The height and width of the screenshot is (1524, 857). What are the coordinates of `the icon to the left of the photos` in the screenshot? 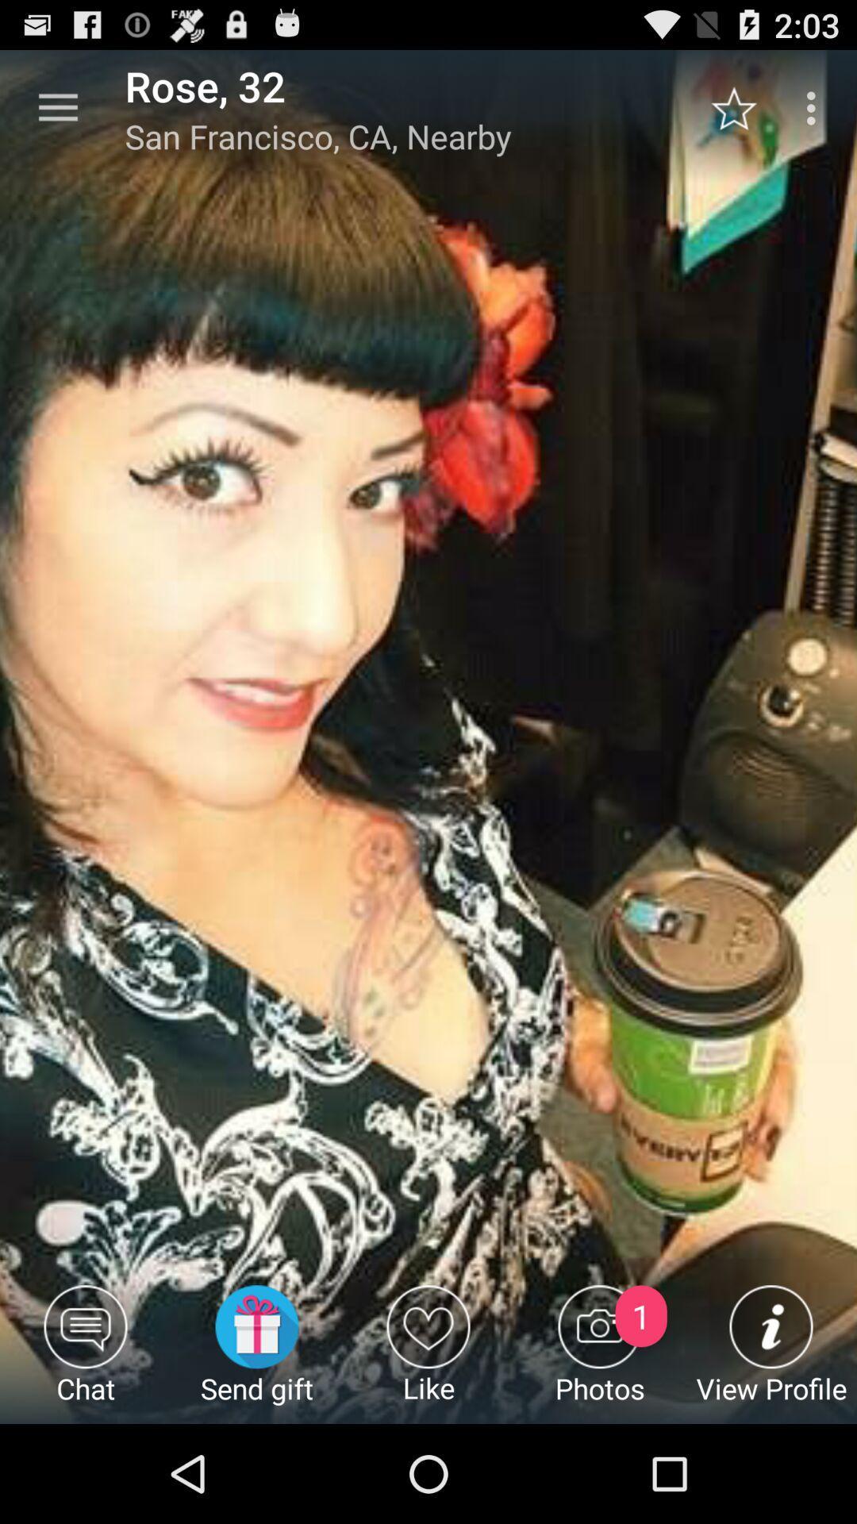 It's located at (428, 1353).